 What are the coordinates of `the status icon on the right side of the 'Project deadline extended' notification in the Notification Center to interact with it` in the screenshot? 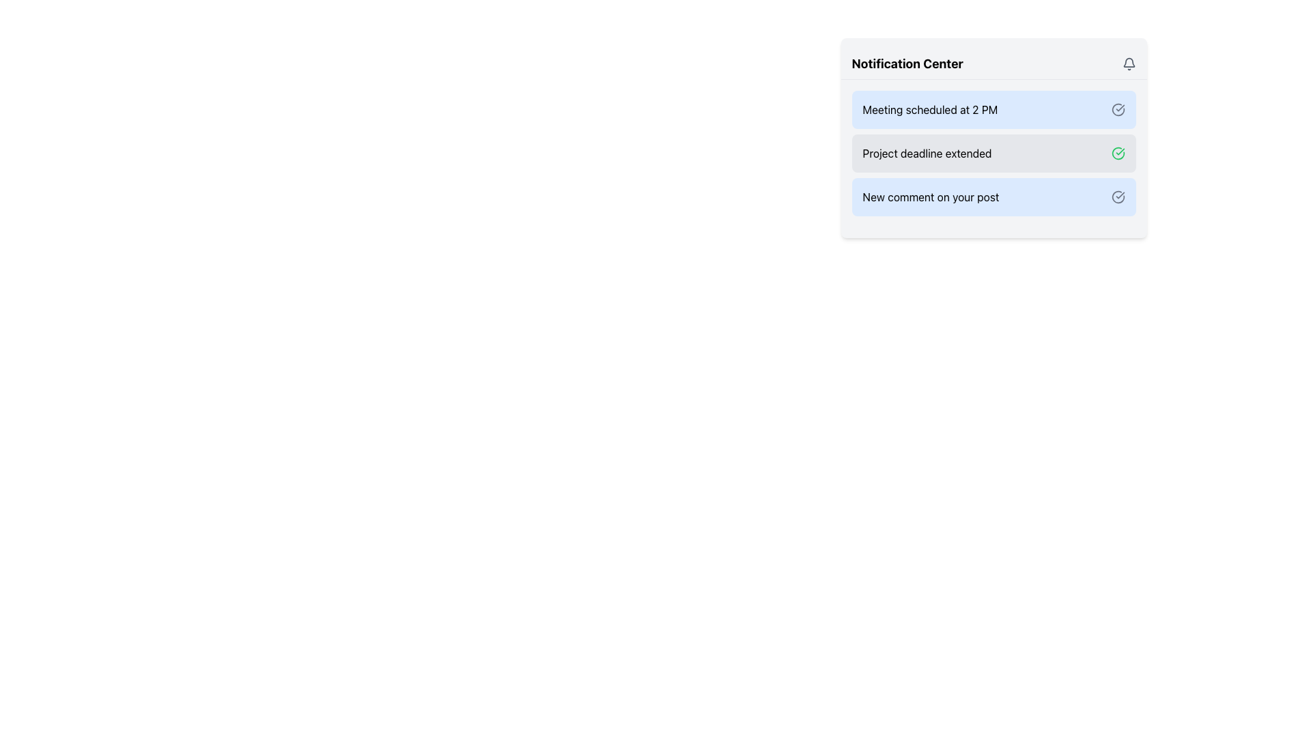 It's located at (1118, 153).